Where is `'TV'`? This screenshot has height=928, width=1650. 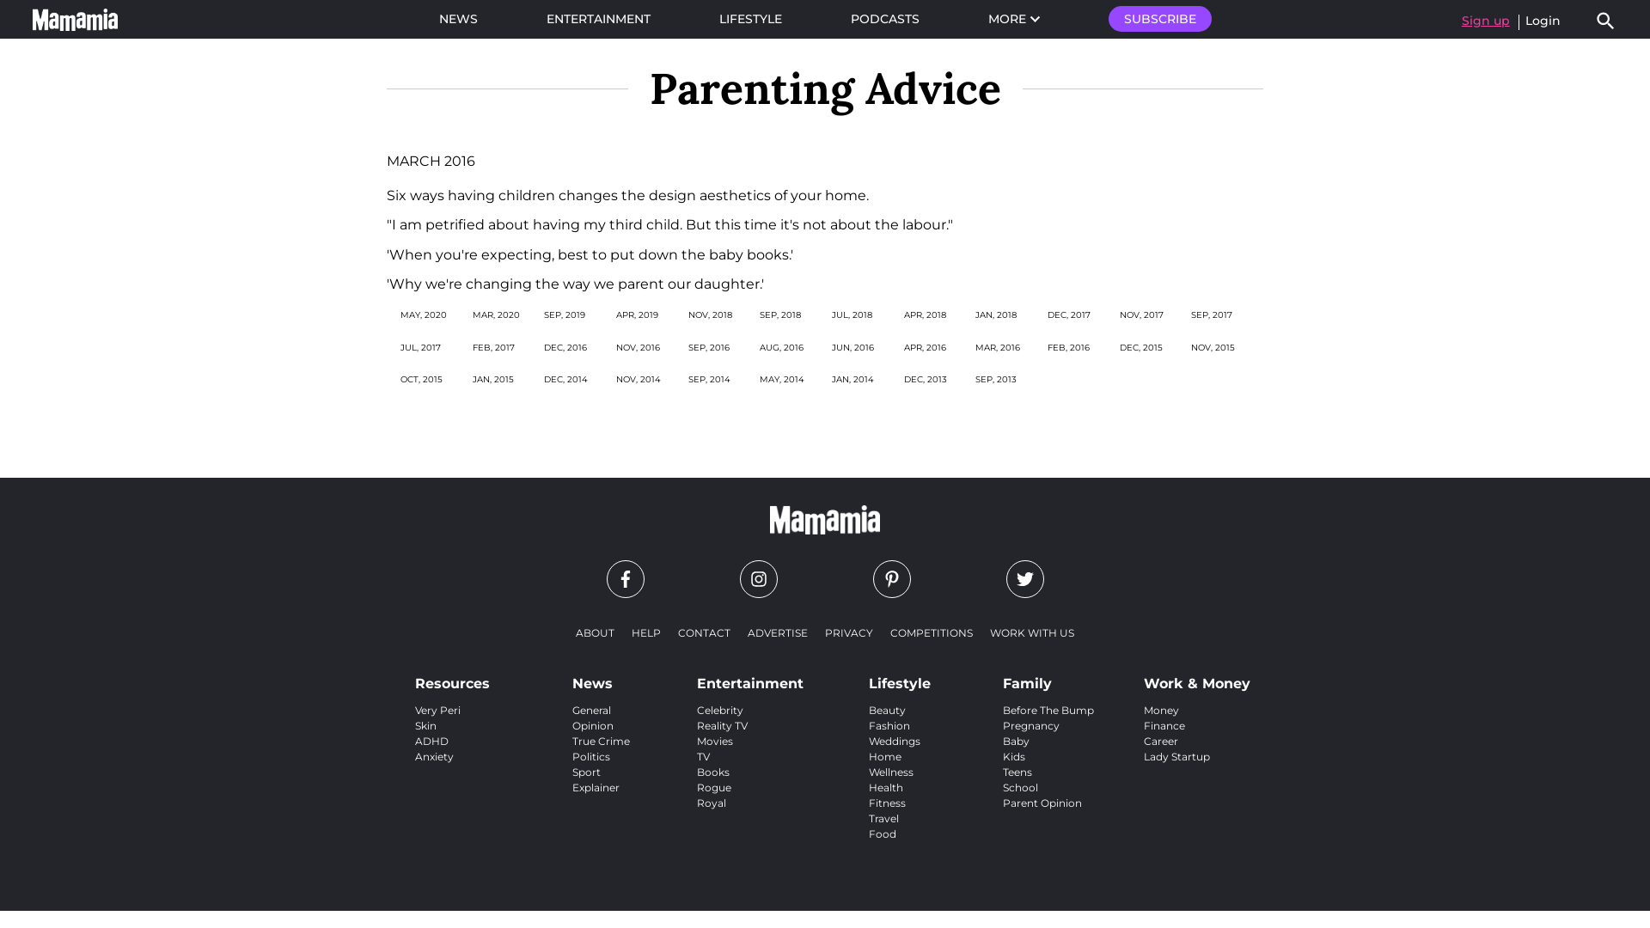
'TV' is located at coordinates (703, 755).